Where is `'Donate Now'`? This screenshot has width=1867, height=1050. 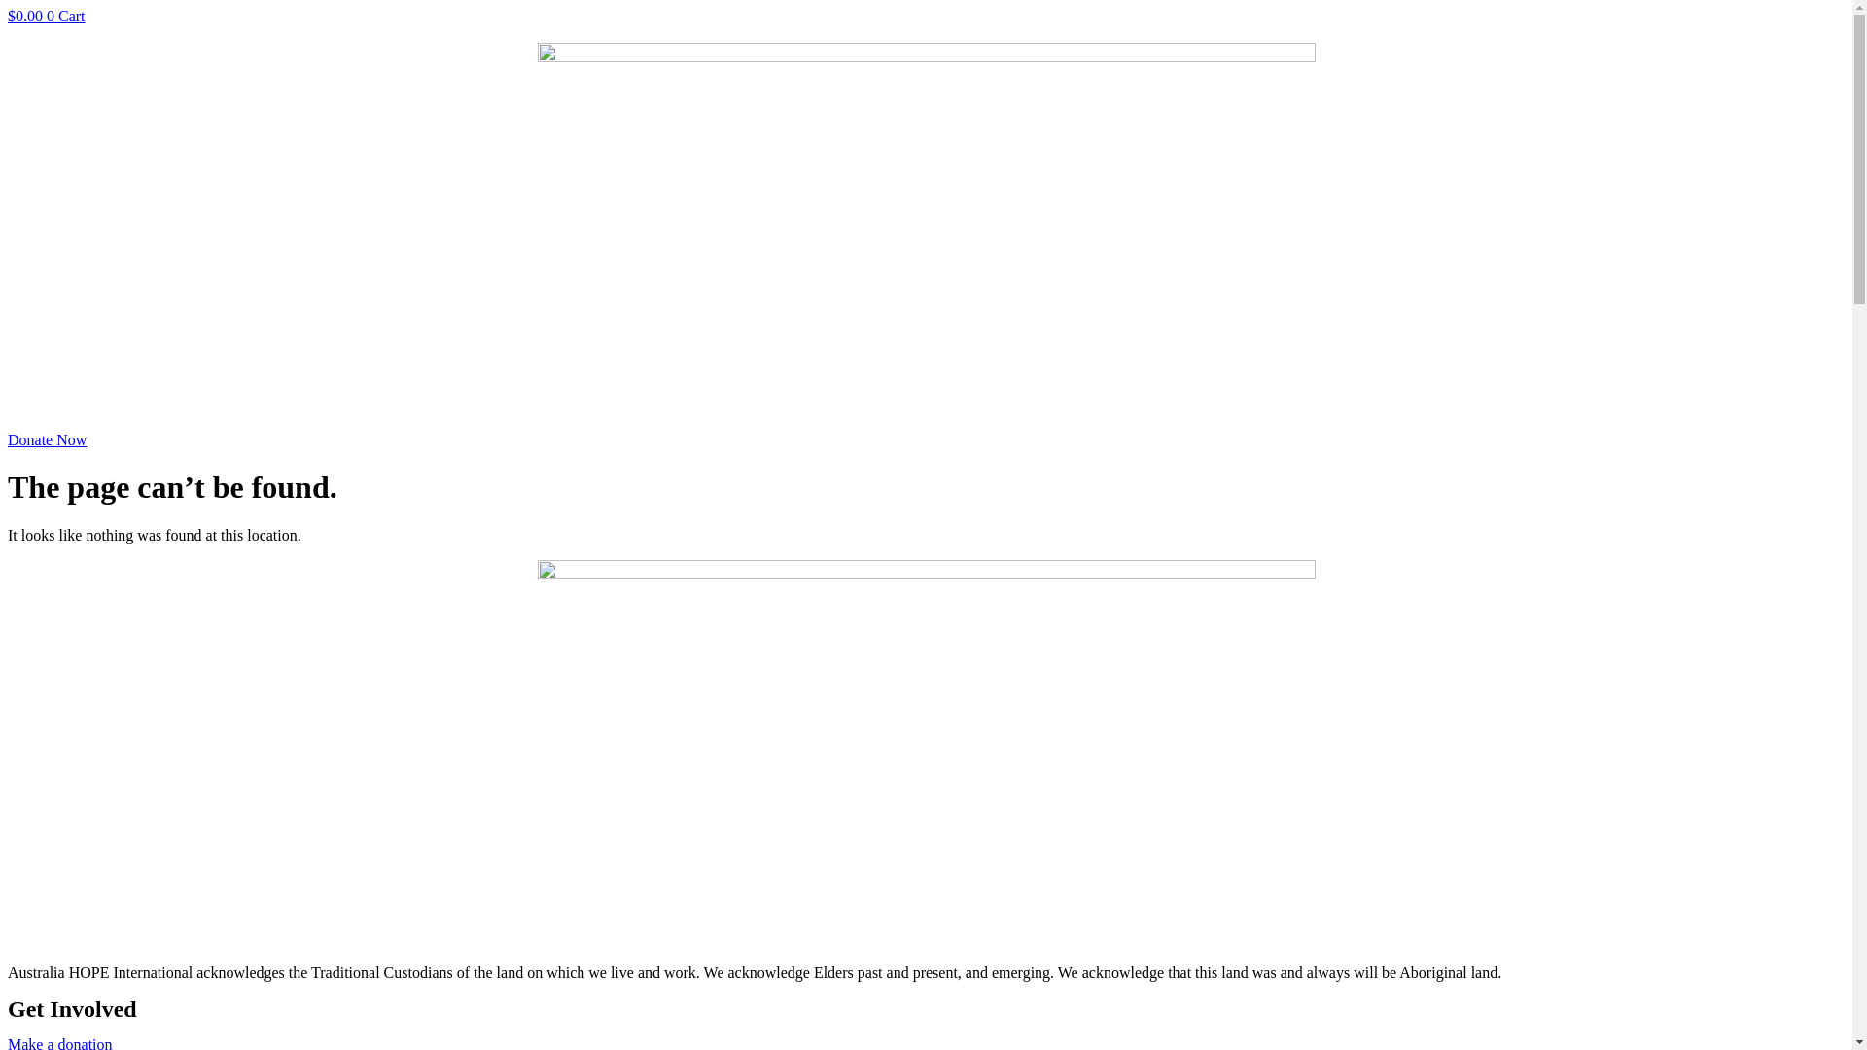
'Donate Now' is located at coordinates (47, 439).